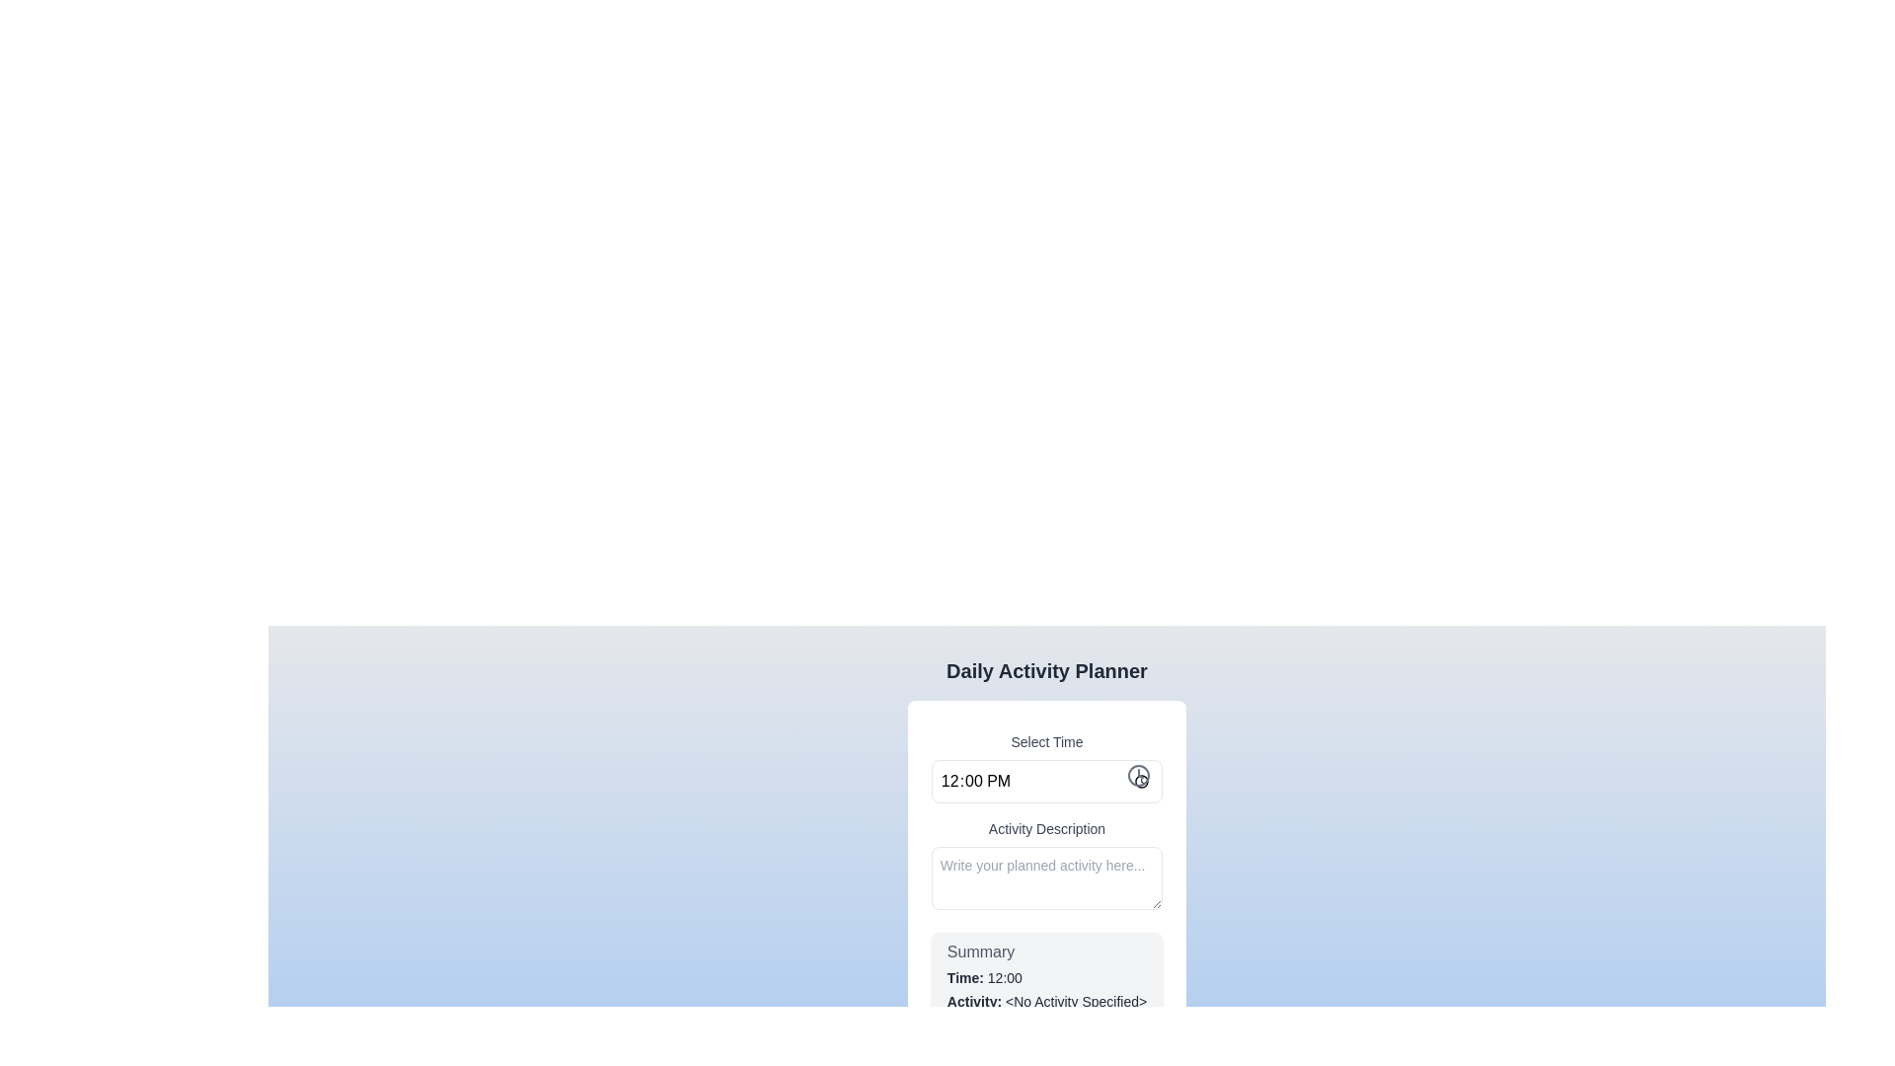 The width and height of the screenshot is (1895, 1066). Describe the element at coordinates (1139, 775) in the screenshot. I see `the clock icon's circle element located at the top-right corner of the time selection box` at that location.